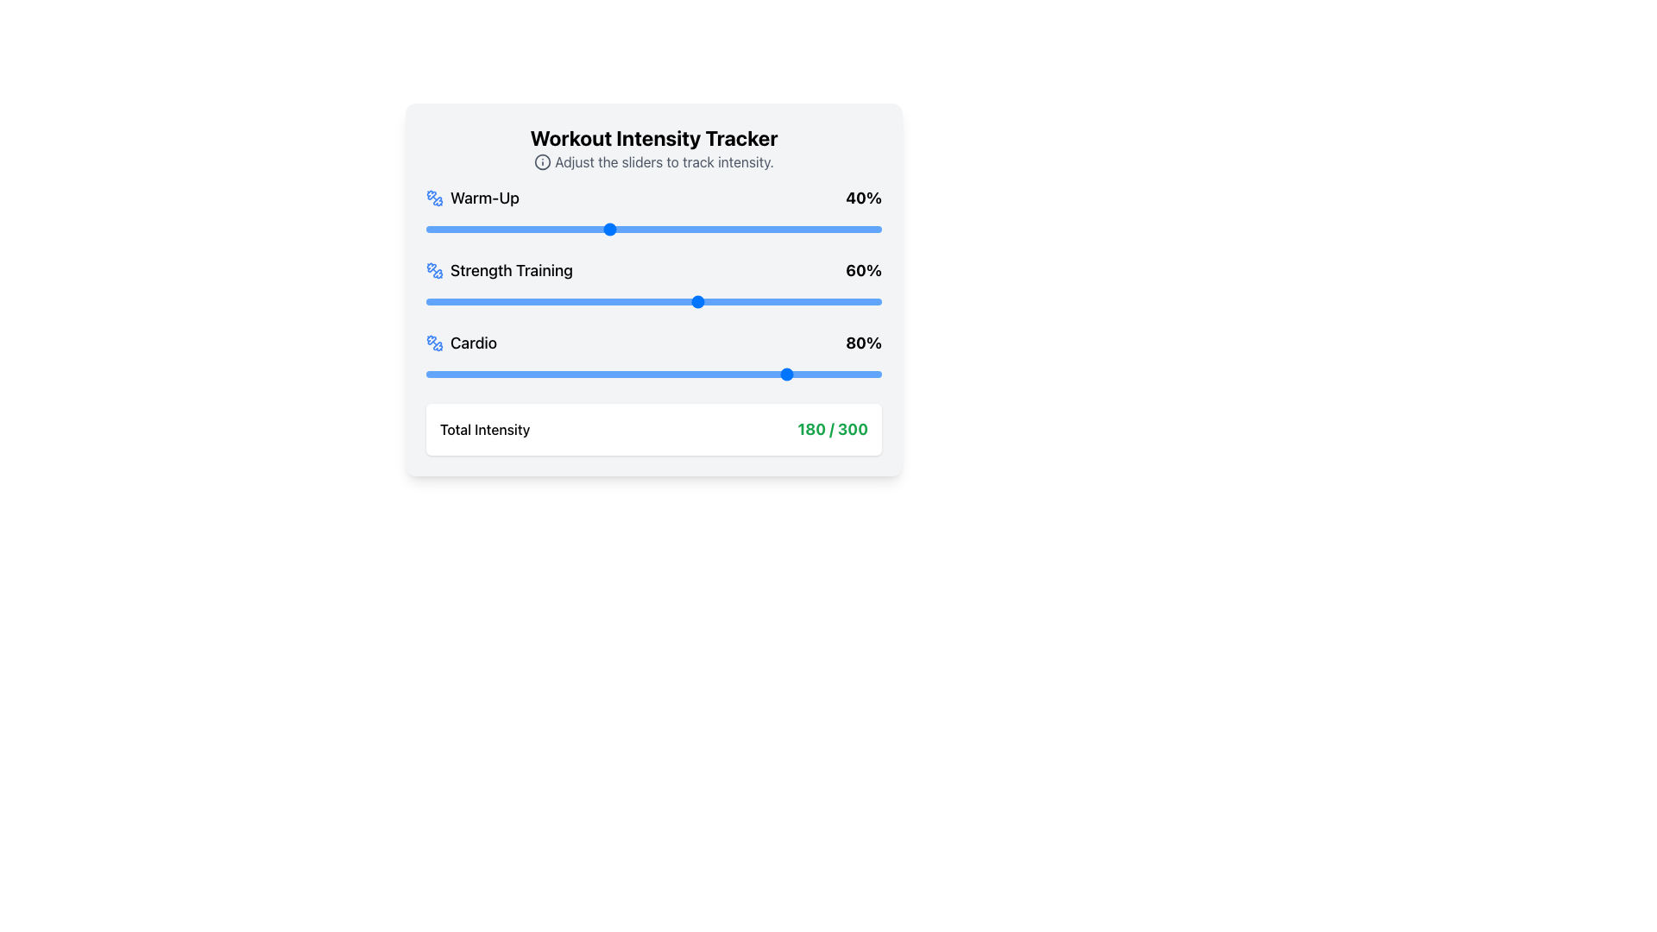  I want to click on the text label reading 'Warm-Up' which is styled with a medium-sized black font and is associated with a blue dumbbell icon, located within the 'Workout Intensity Tracker' interface, so click(472, 198).